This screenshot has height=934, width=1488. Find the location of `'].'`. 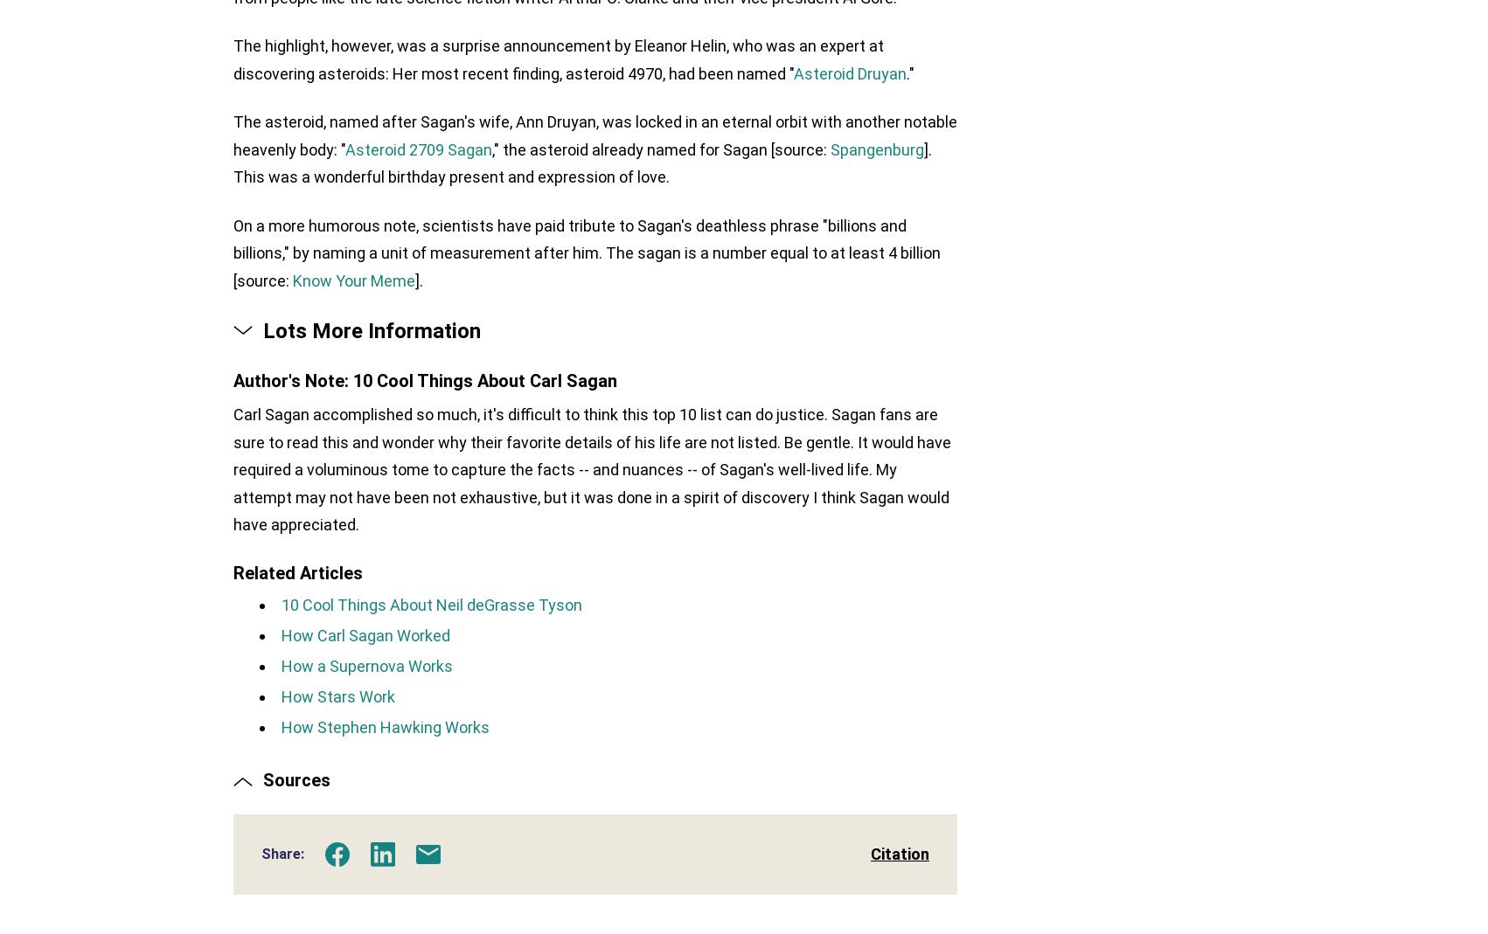

'].' is located at coordinates (418, 283).